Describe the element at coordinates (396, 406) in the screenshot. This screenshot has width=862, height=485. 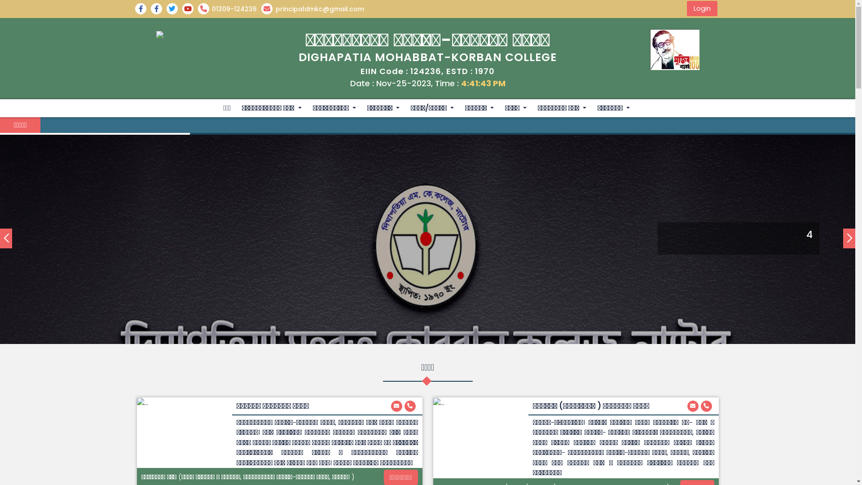
I see `'dcnatore@mopa.gov.bd'` at that location.